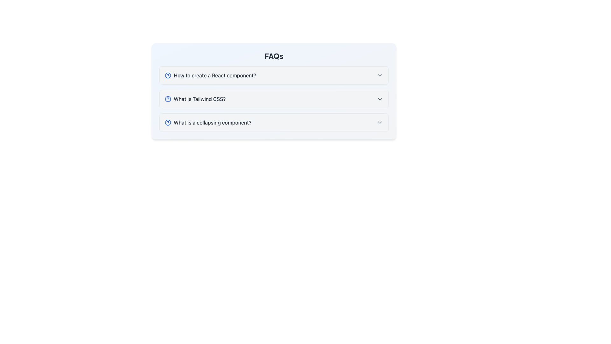 The height and width of the screenshot is (344, 611). I want to click on the second FAQ question text label to read the tooltip, so click(195, 99).